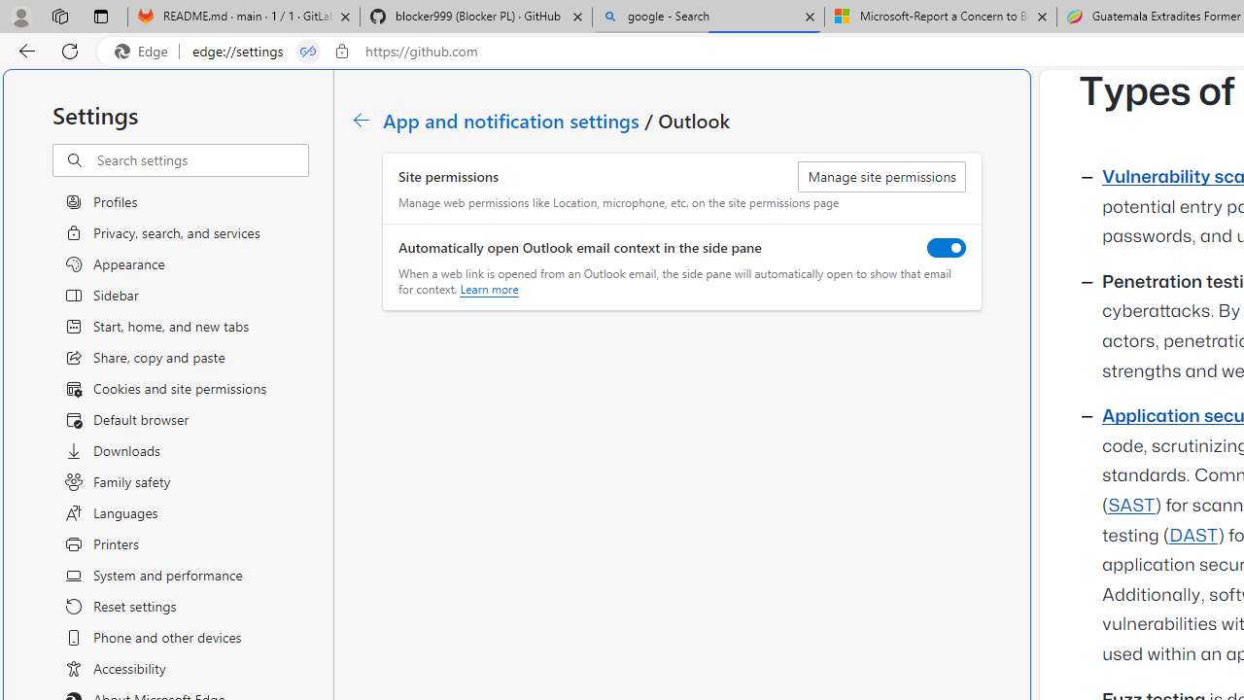 The width and height of the screenshot is (1244, 700). Describe the element at coordinates (1131, 505) in the screenshot. I see `'SAST'` at that location.